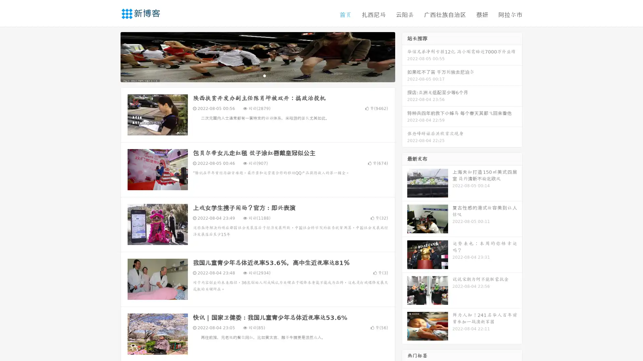  I want to click on Go to slide 3, so click(264, 75).